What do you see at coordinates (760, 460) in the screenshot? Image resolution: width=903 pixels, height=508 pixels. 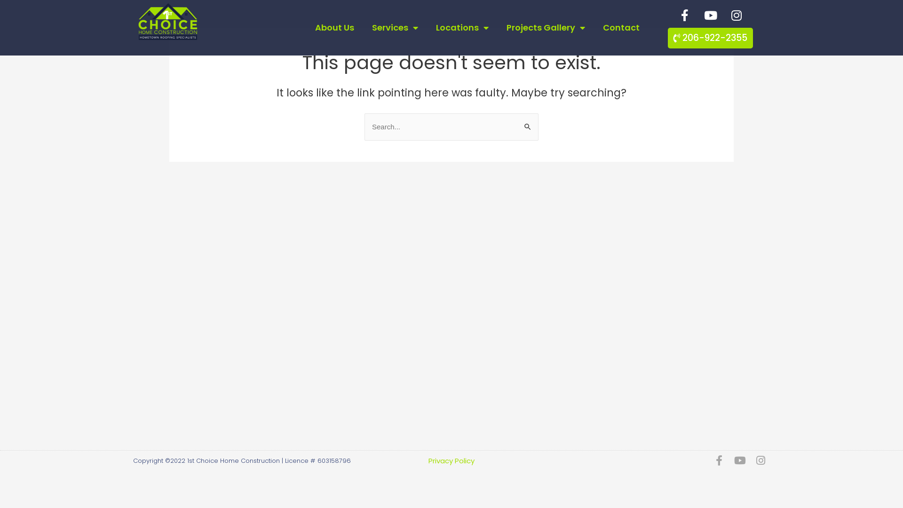 I see `'Instagram'` at bounding box center [760, 460].